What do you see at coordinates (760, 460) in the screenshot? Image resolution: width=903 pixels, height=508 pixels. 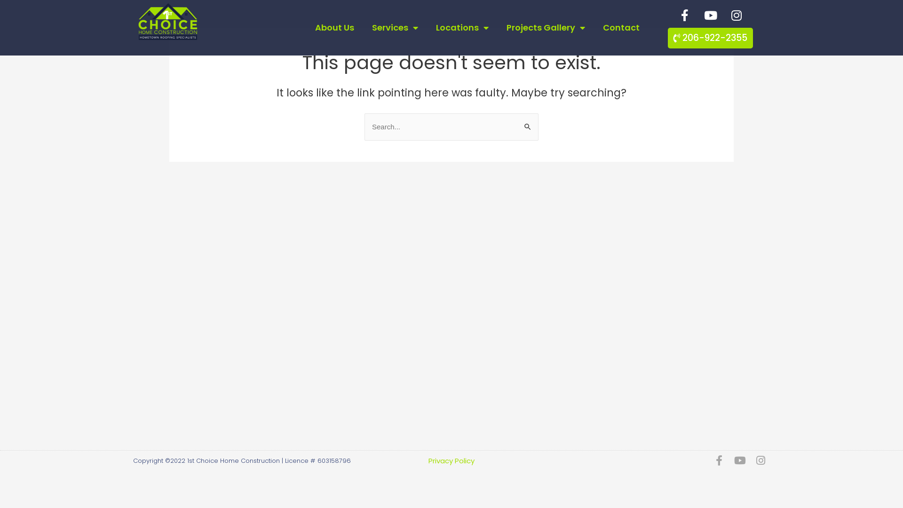 I see `'Instagram'` at bounding box center [760, 460].